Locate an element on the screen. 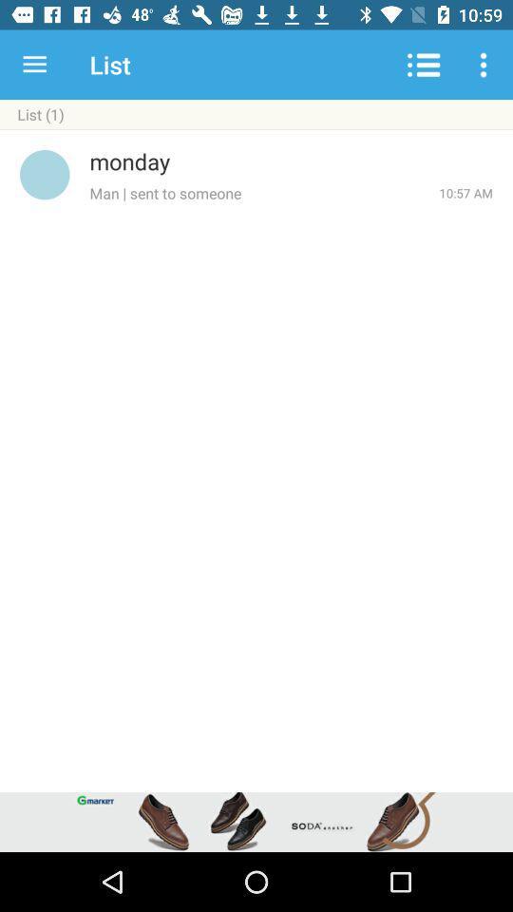 Image resolution: width=513 pixels, height=912 pixels. the monday icon is located at coordinates (291, 161).